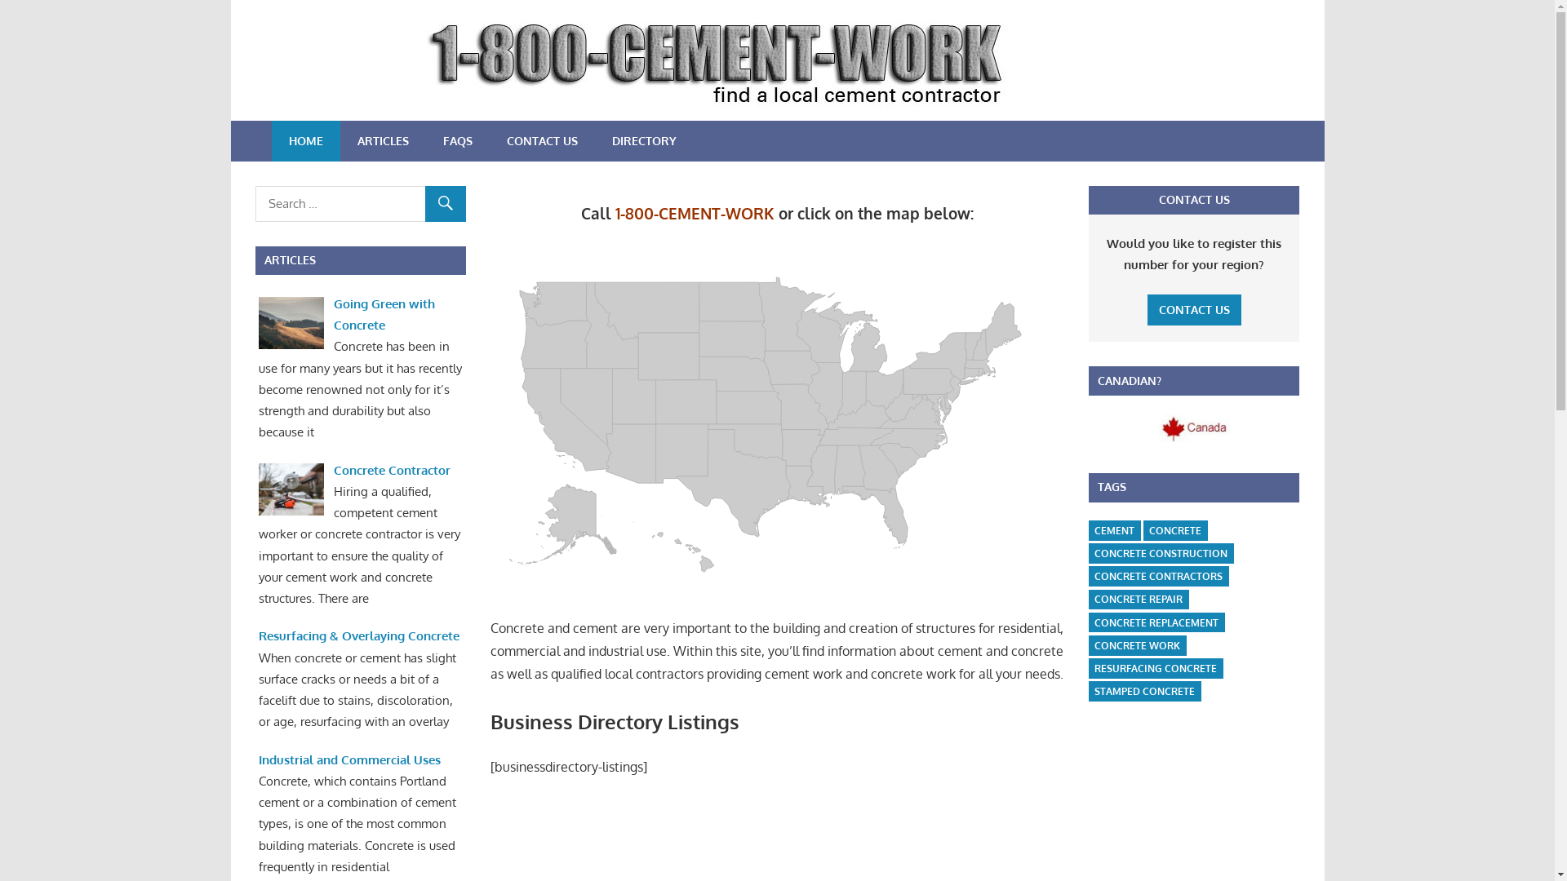 This screenshot has height=881, width=1567. What do you see at coordinates (358, 635) in the screenshot?
I see `'Resurfacing & Overlaying Concrete'` at bounding box center [358, 635].